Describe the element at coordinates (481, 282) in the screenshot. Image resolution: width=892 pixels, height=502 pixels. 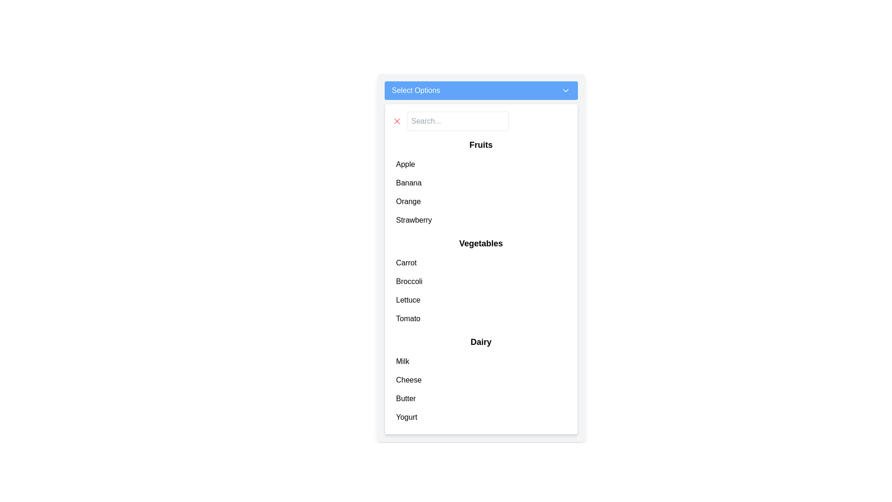
I see `an item within the 'Vegetables' category group, which is located centrally beneath the 'Fruits' section and above the 'Dairy' section` at that location.